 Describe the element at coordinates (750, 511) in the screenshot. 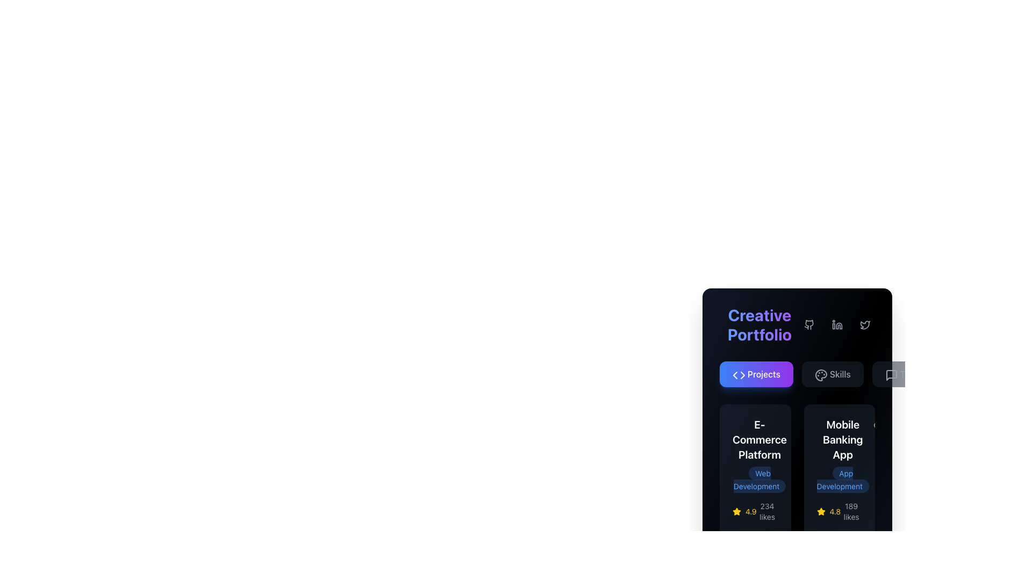

I see `displayed rating from the Text label showing '4.9' in bold yellow font, located at the bottom of the left card under the title 'E-Commerce Platform'` at that location.